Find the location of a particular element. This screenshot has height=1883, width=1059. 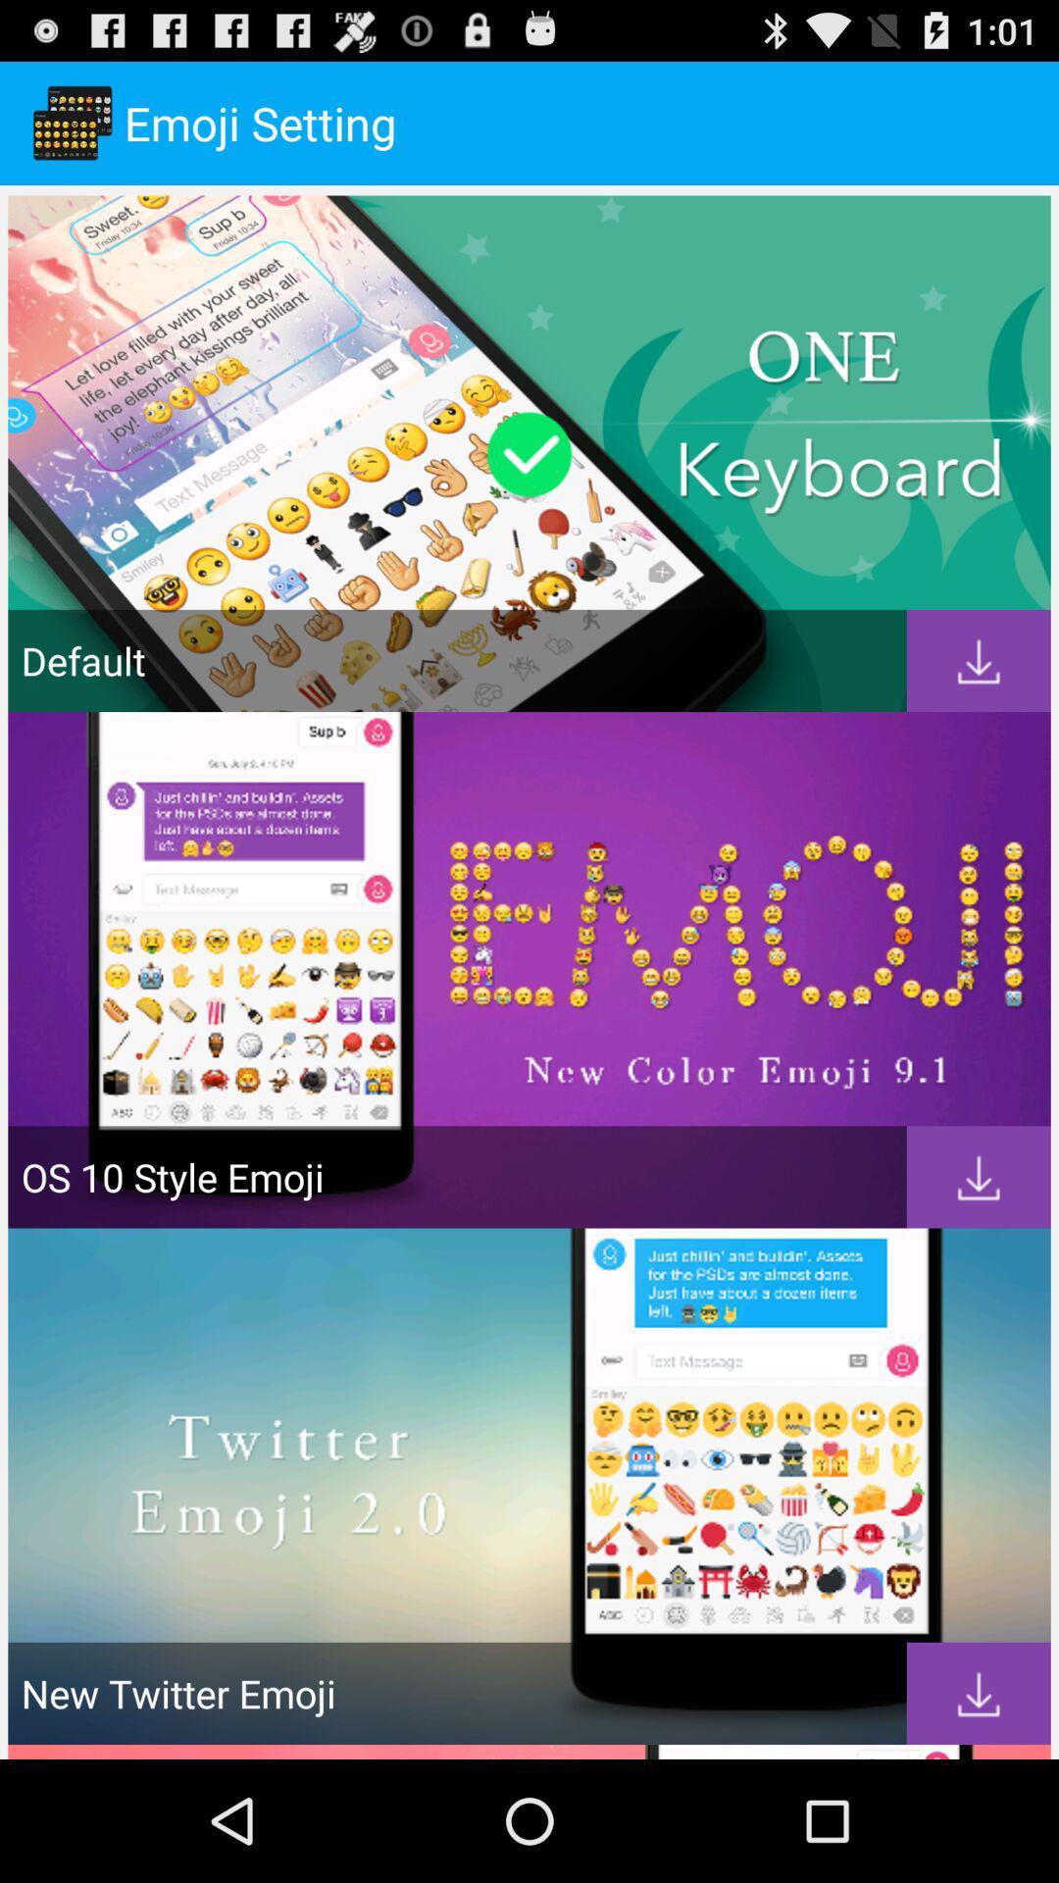

move to next emoji app is located at coordinates (979, 661).